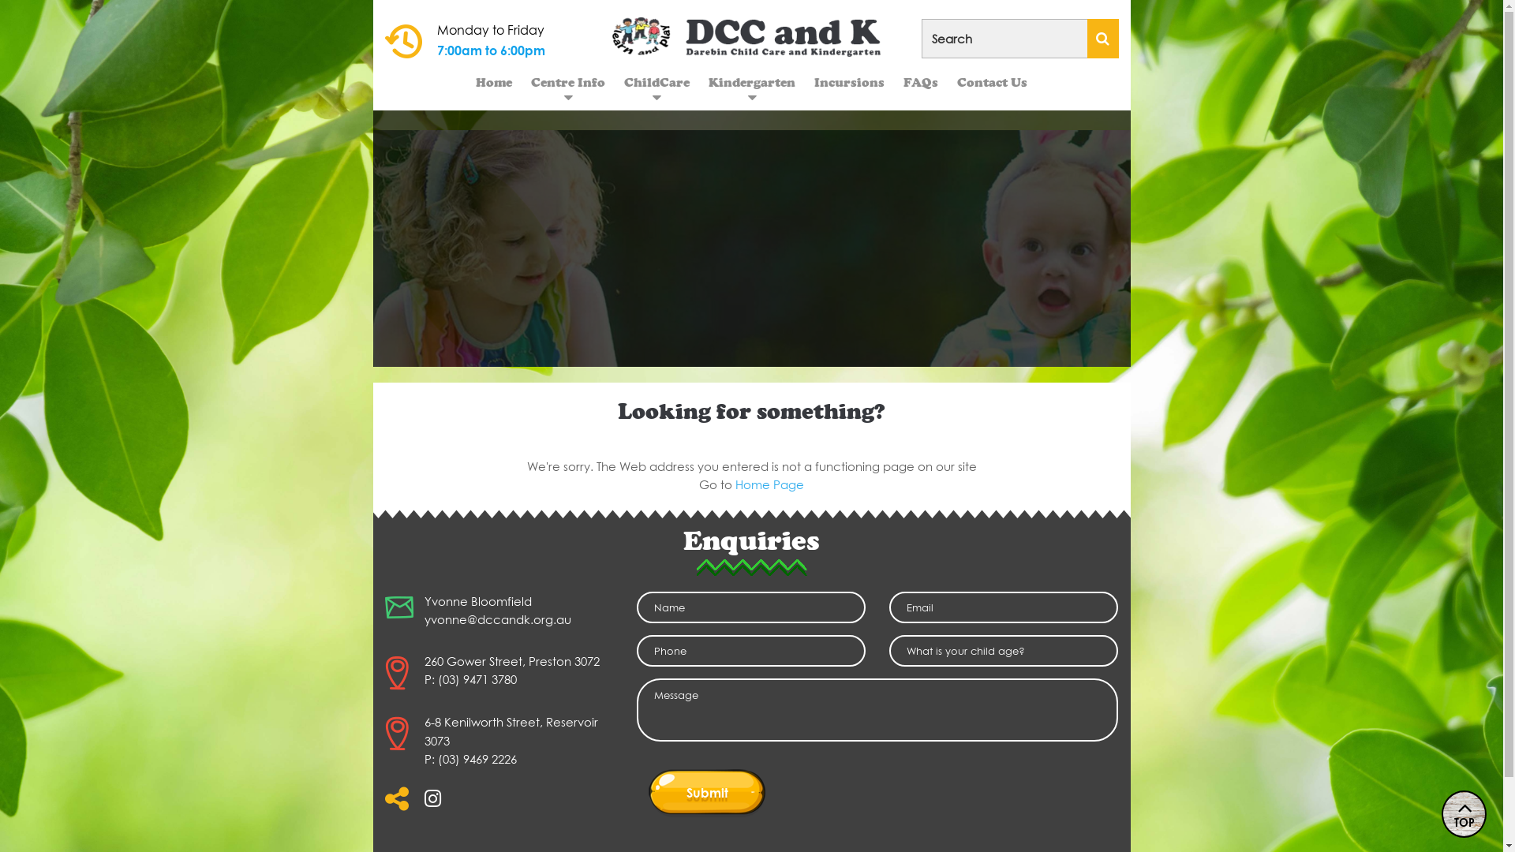  I want to click on 'Instagram', so click(424, 803).